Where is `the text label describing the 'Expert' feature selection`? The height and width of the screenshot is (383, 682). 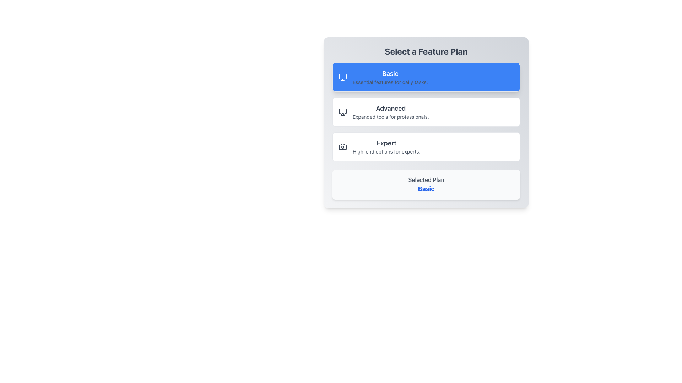
the text label describing the 'Expert' feature selection is located at coordinates (386, 146).